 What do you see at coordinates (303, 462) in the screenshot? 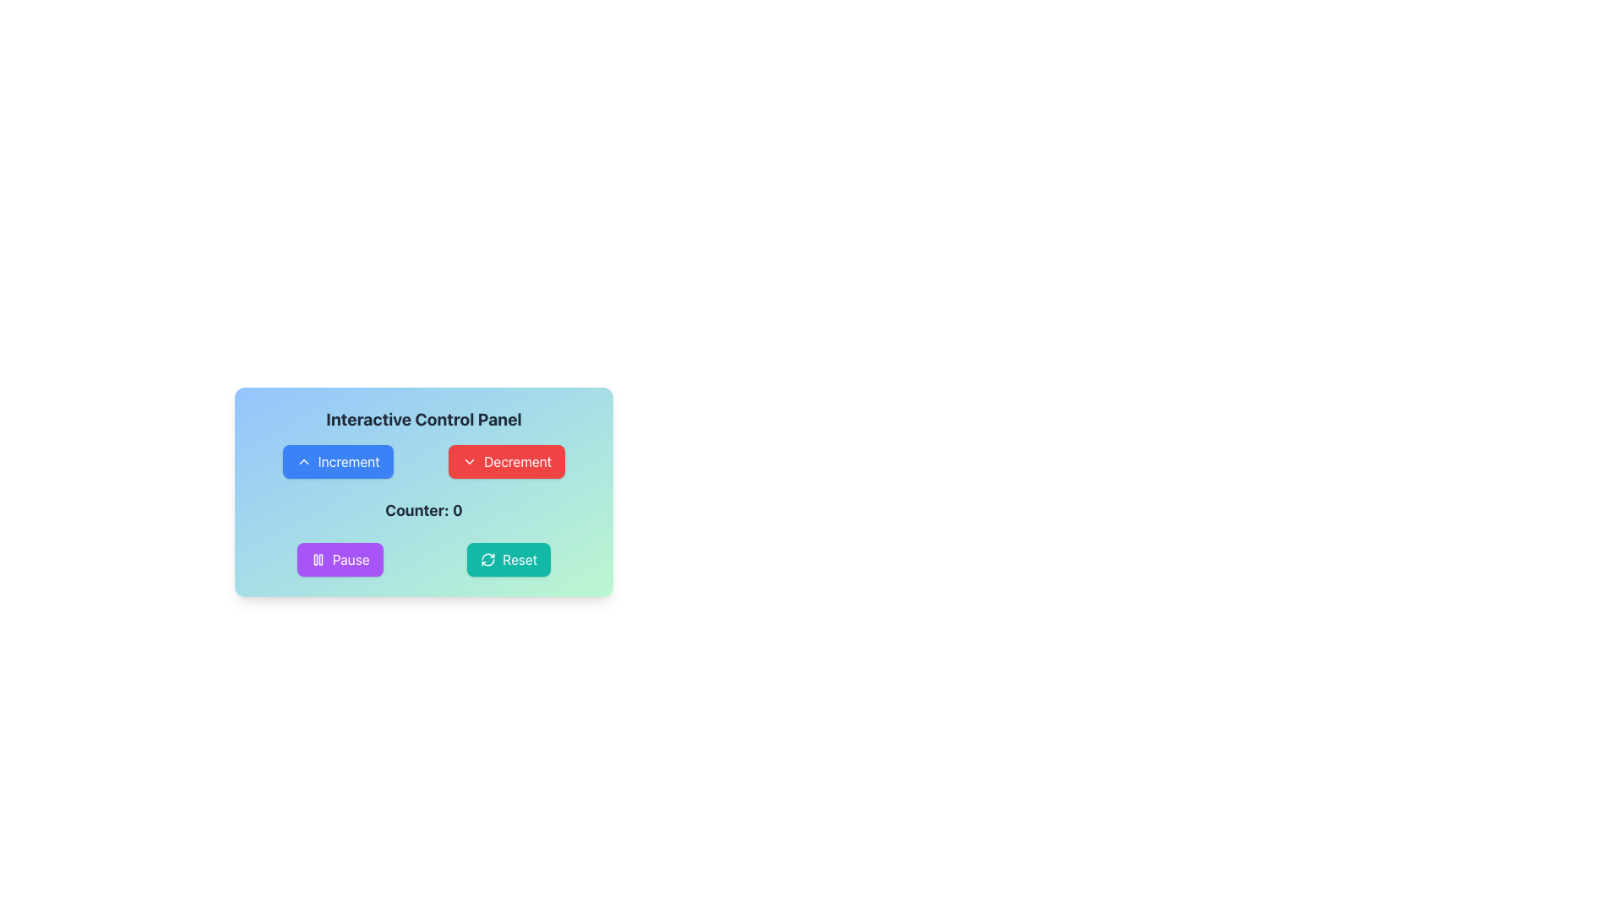
I see `the 'Increment' button containing the upward-pointing chevron icon located at the top-left corner of the interactive control panel` at bounding box center [303, 462].